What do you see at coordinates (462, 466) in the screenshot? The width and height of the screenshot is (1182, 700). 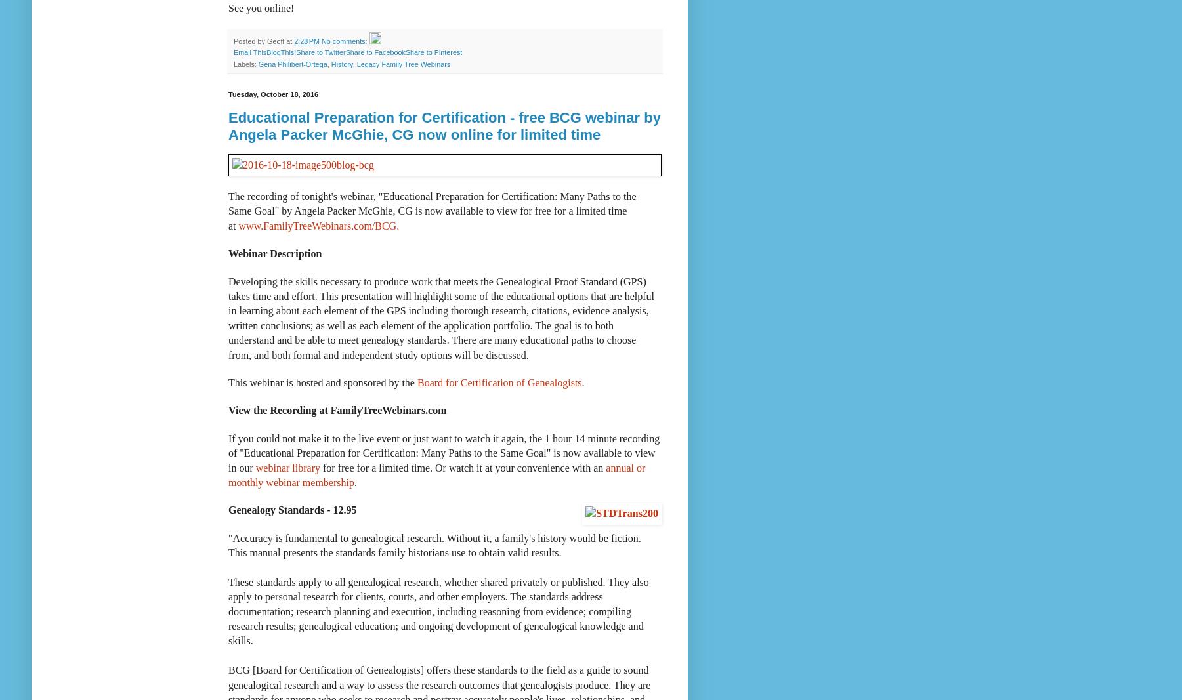 I see `'for free for a limited time. Or watch it at your convenience with an'` at bounding box center [462, 466].